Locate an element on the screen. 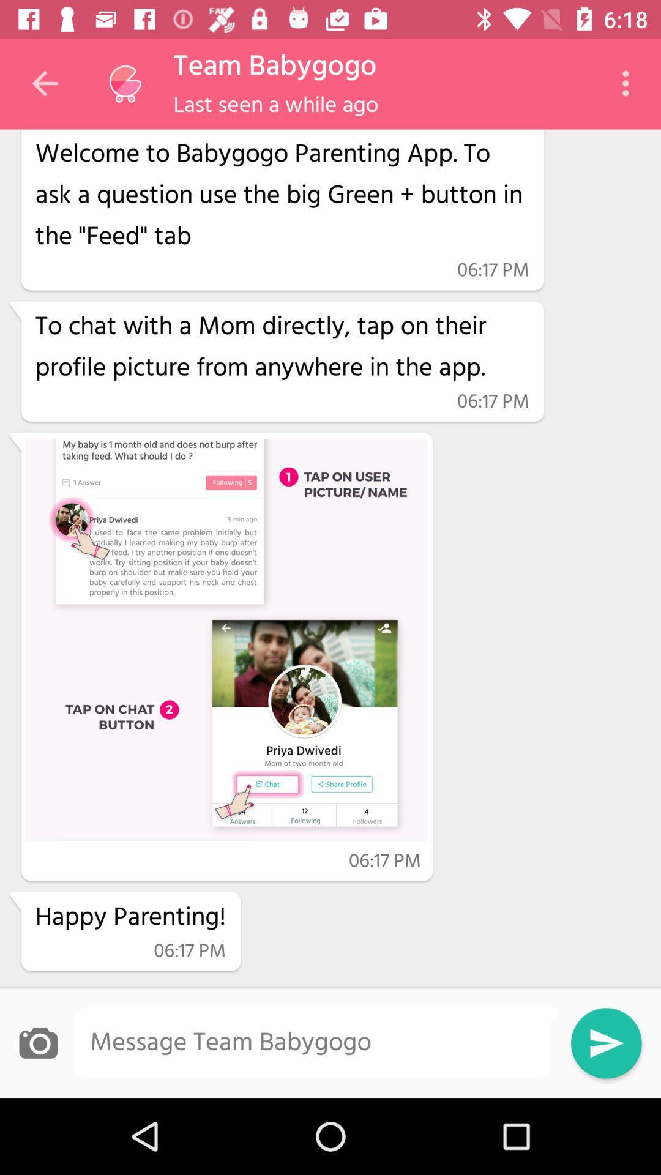 The height and width of the screenshot is (1175, 661). camera icon is located at coordinates (37, 1042).